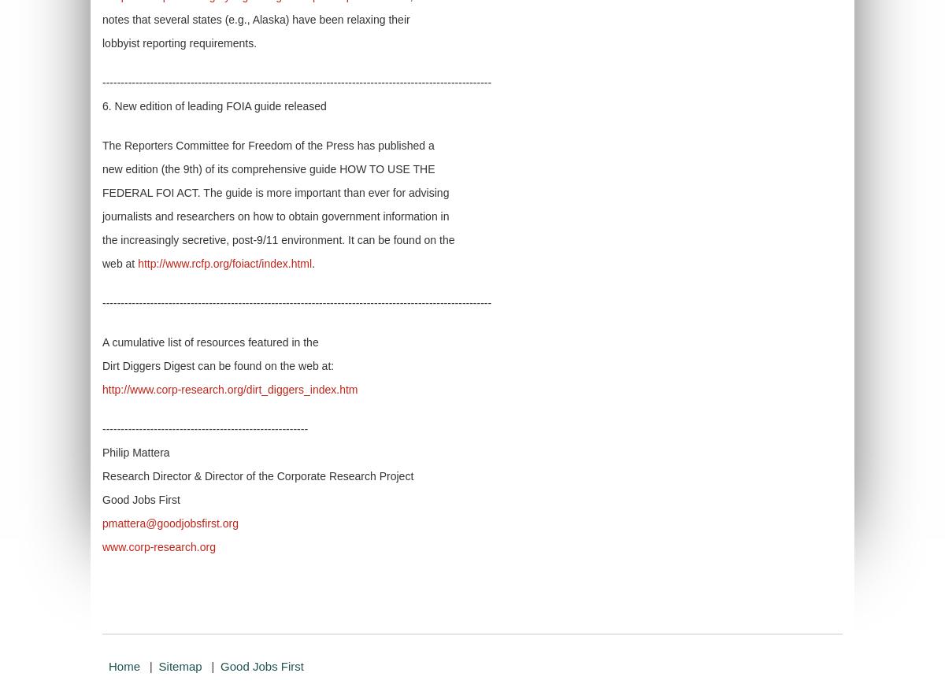  Describe the element at coordinates (268, 143) in the screenshot. I see `'The Reporters Committee for Freedom of the Press has published a'` at that location.